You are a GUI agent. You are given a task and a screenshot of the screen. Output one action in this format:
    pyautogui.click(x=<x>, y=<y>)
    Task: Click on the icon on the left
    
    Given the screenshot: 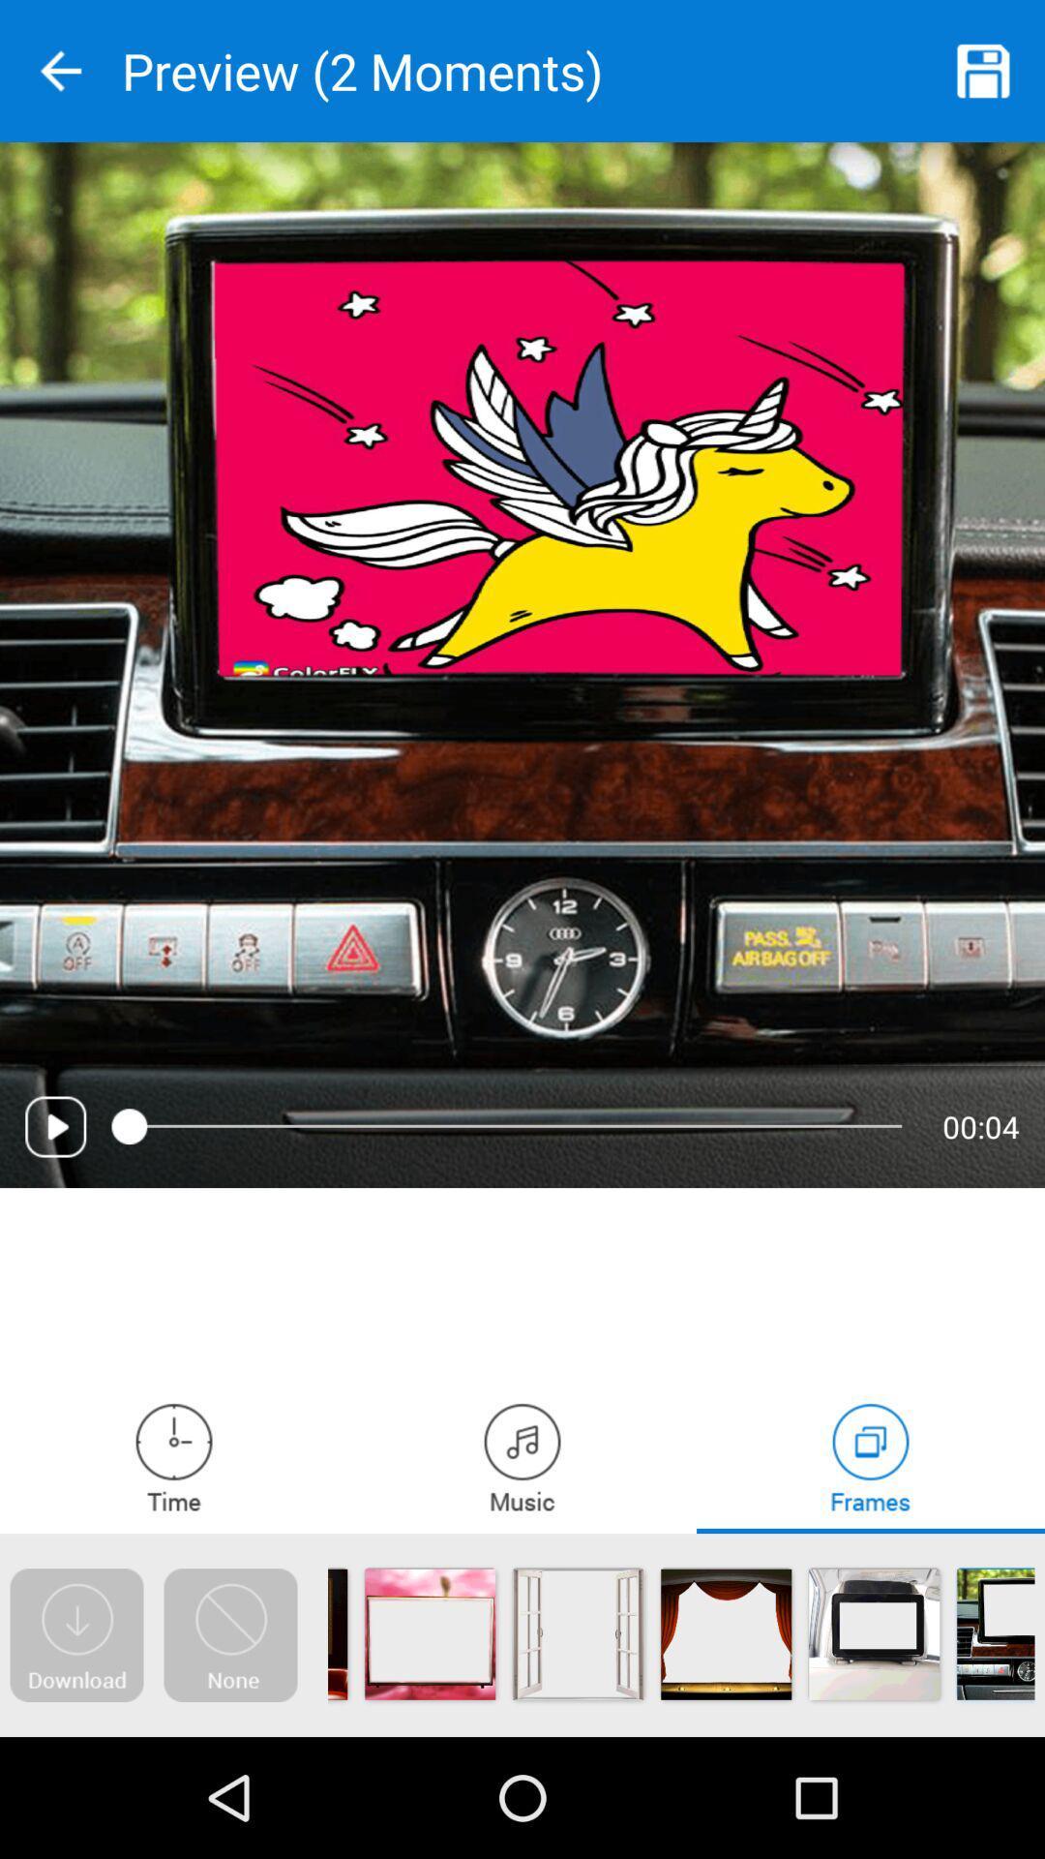 What is the action you would take?
    pyautogui.click(x=54, y=1126)
    